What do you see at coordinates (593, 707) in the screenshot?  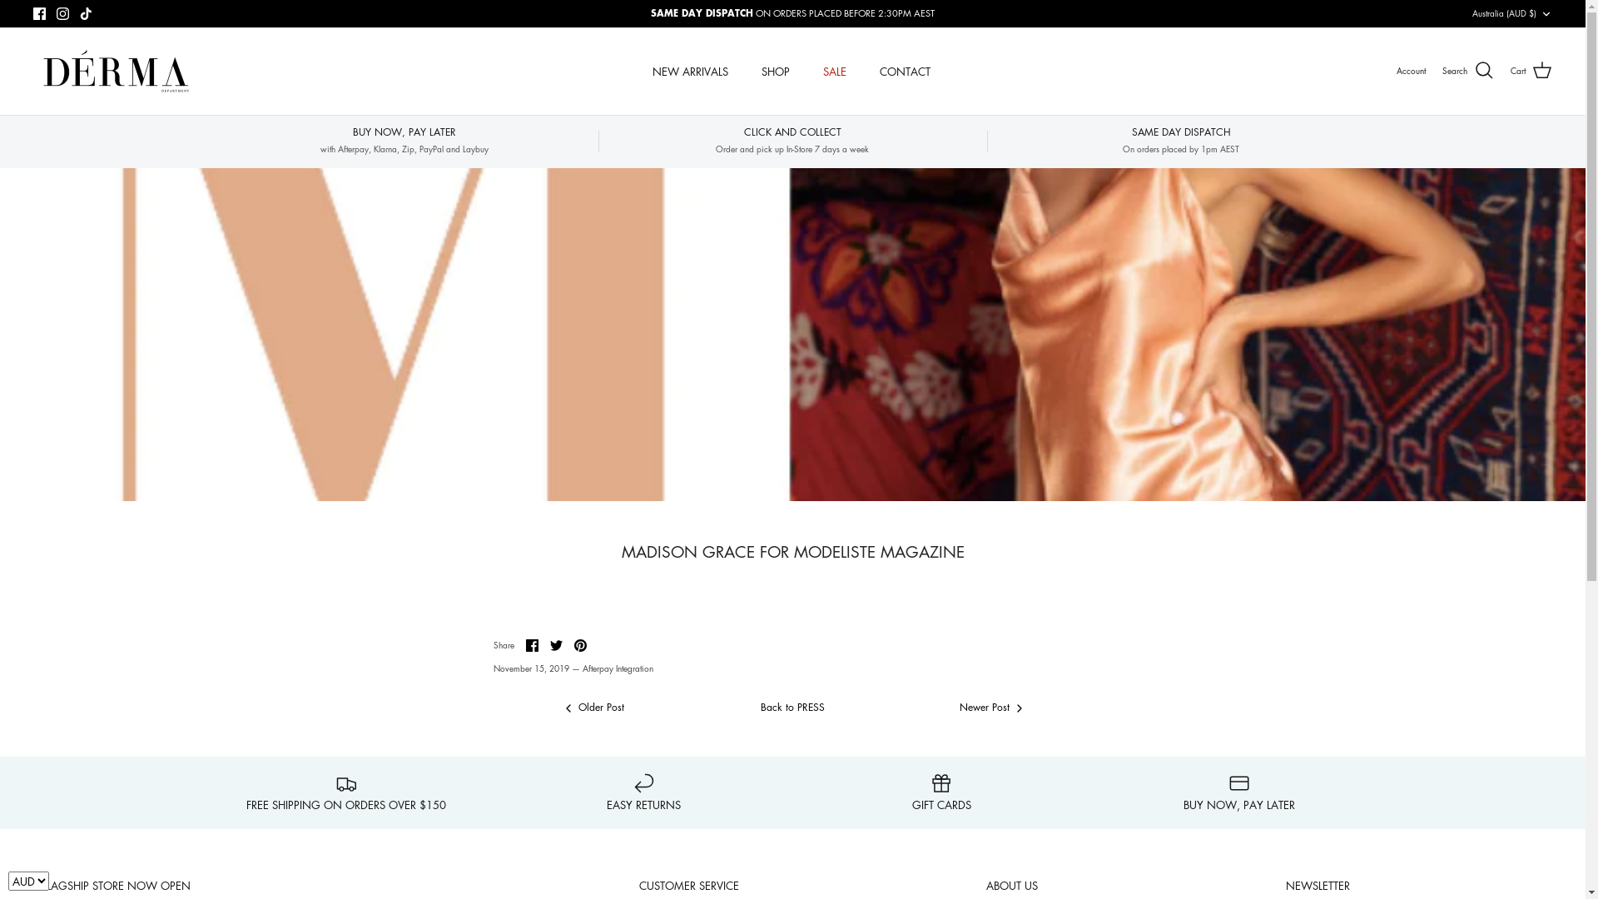 I see `'Left Older Post'` at bounding box center [593, 707].